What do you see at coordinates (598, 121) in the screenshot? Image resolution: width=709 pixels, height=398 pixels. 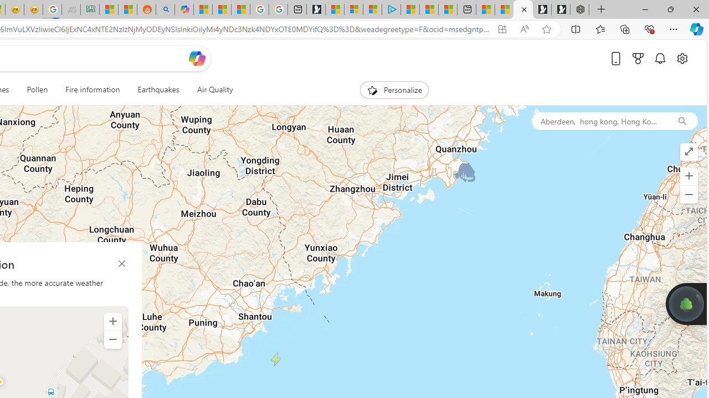 I see `'Aberdeen, hong kong, Hong Kong SAR'` at bounding box center [598, 121].